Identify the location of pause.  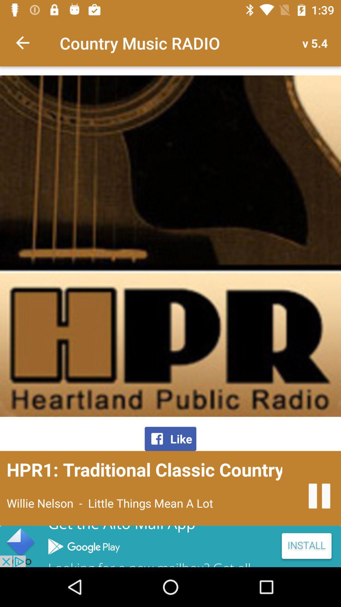
(319, 496).